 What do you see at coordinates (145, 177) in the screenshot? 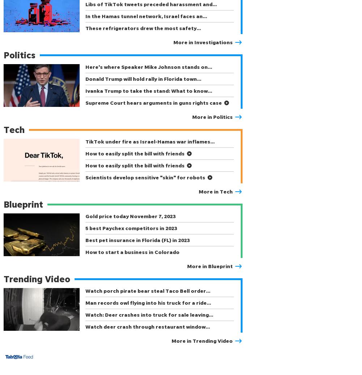
I see `'Scientists develop sensitive "skin" for robots'` at bounding box center [145, 177].